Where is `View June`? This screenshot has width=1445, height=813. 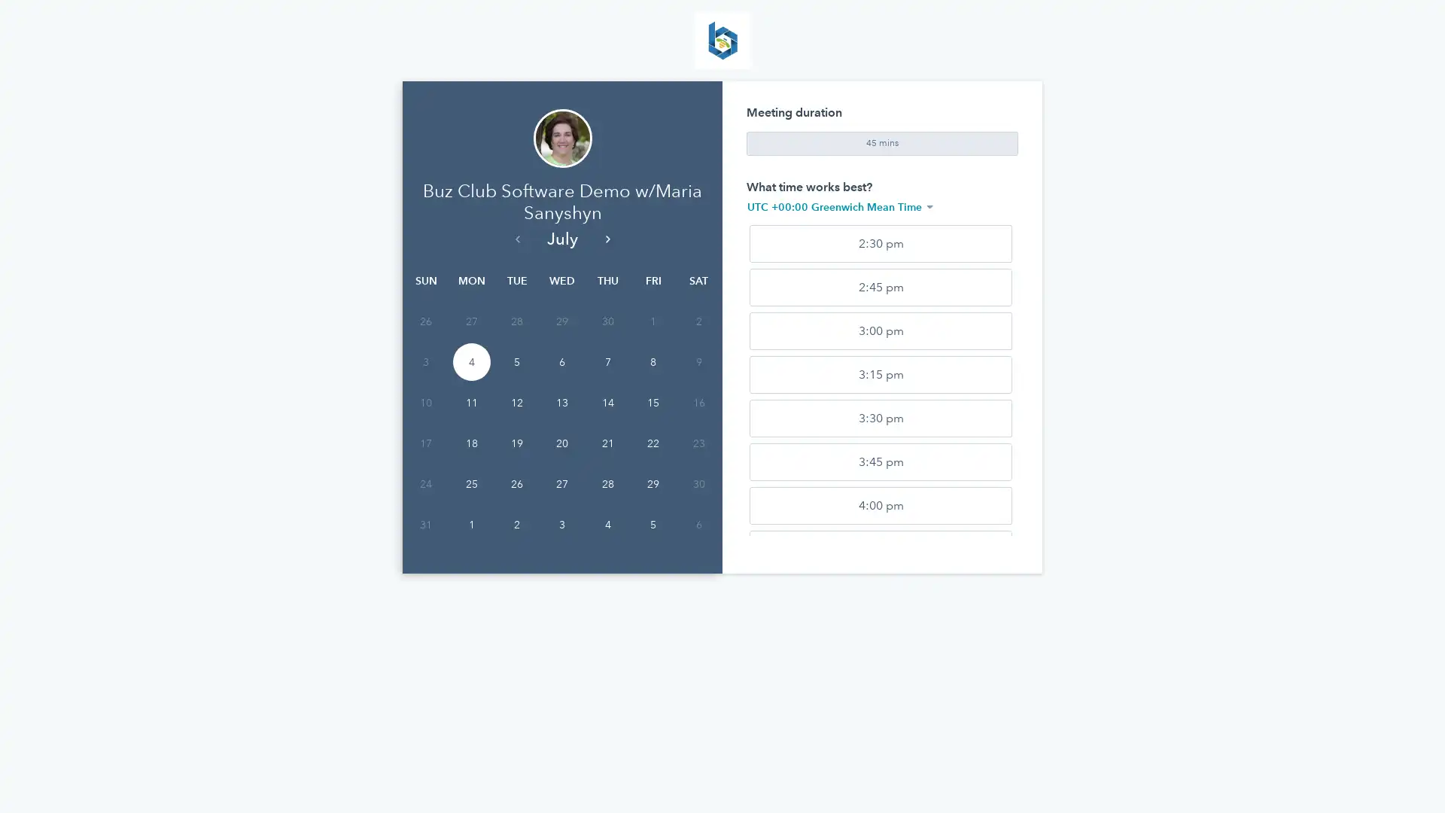 View June is located at coordinates (516, 237).